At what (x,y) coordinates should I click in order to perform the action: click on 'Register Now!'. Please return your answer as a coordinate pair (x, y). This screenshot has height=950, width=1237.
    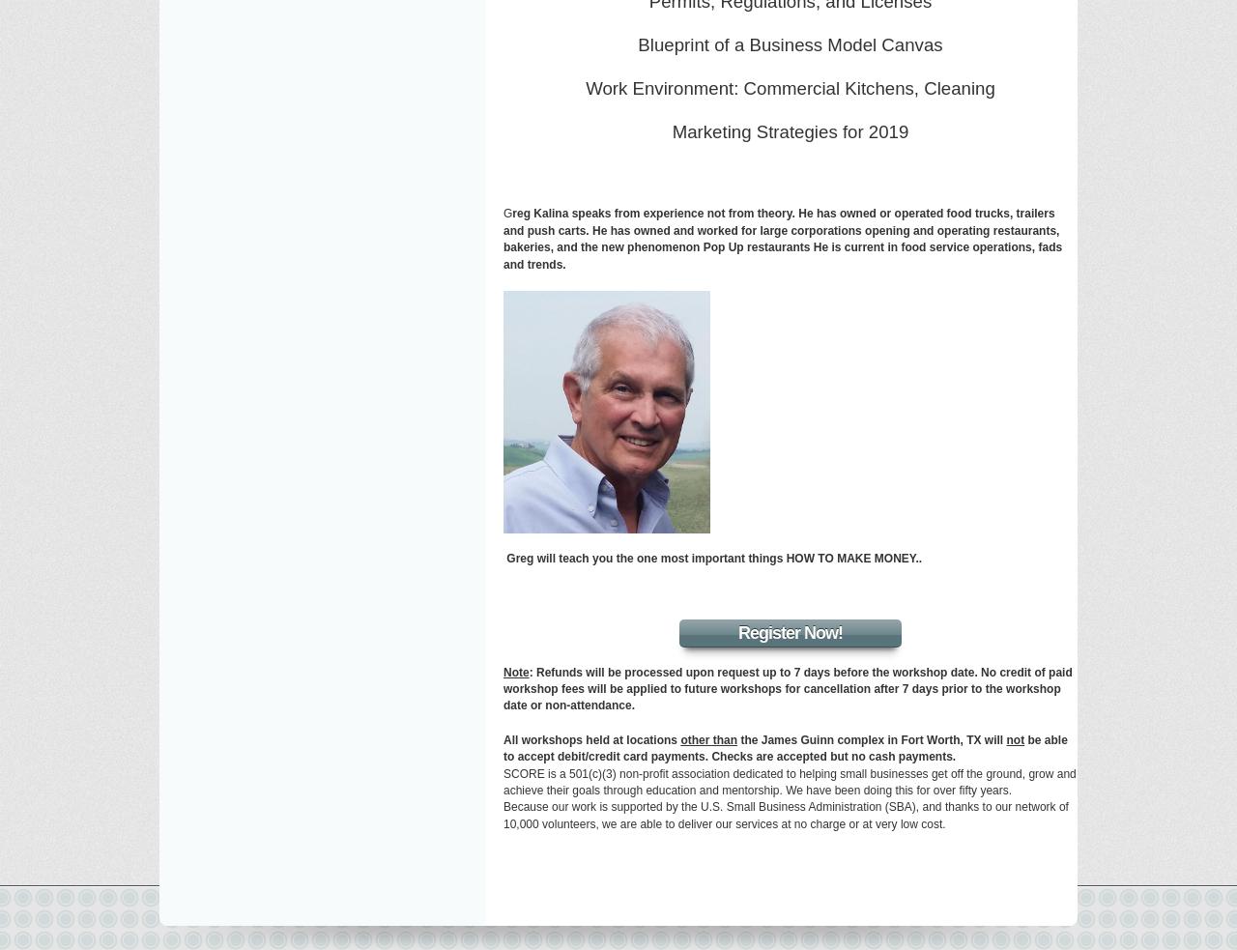
    Looking at the image, I should click on (736, 631).